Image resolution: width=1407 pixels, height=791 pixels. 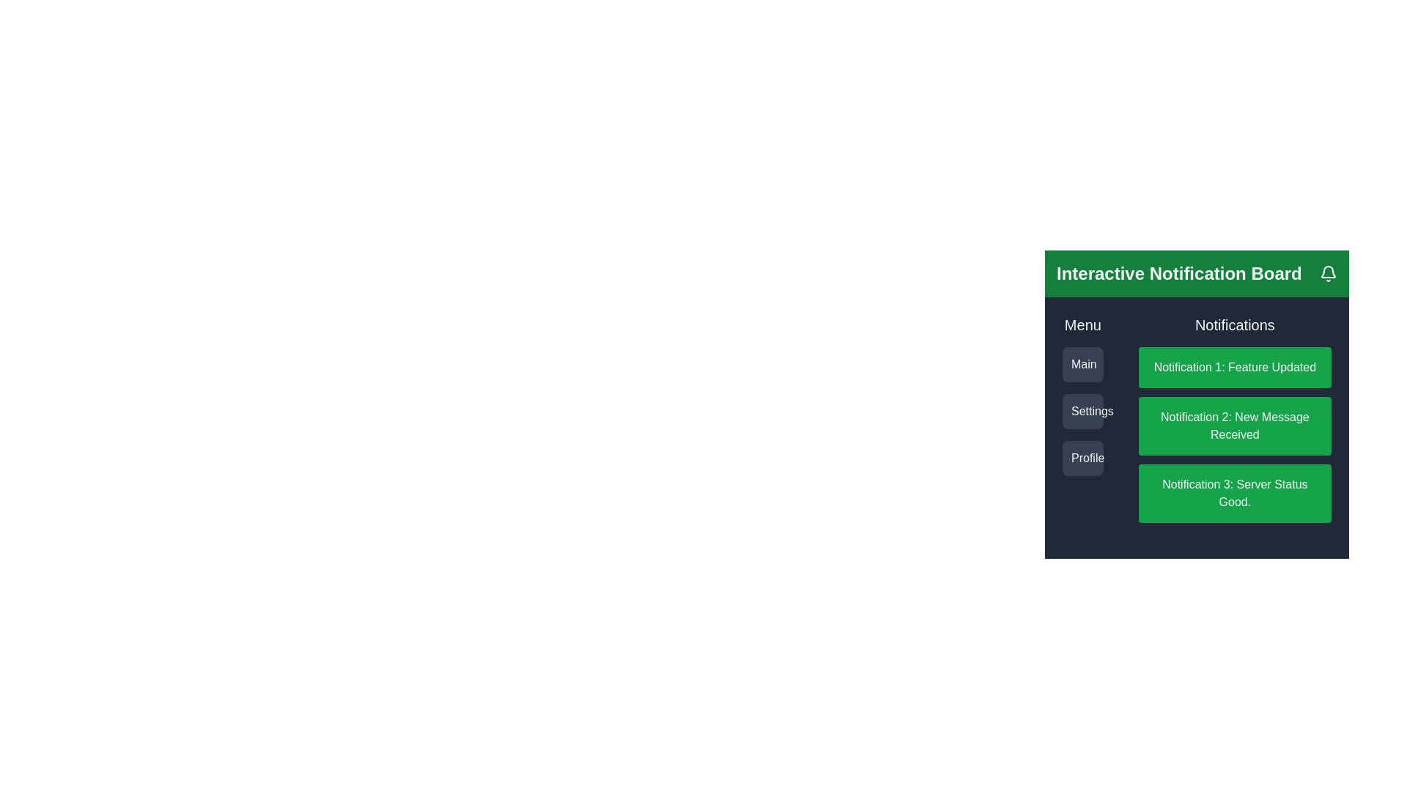 What do you see at coordinates (1082, 412) in the screenshot?
I see `the 'Settings' button, which is a rectangular button with a dark background and rounded corners, located in the vertical 'Menu' list between 'Main' and 'Profile'` at bounding box center [1082, 412].